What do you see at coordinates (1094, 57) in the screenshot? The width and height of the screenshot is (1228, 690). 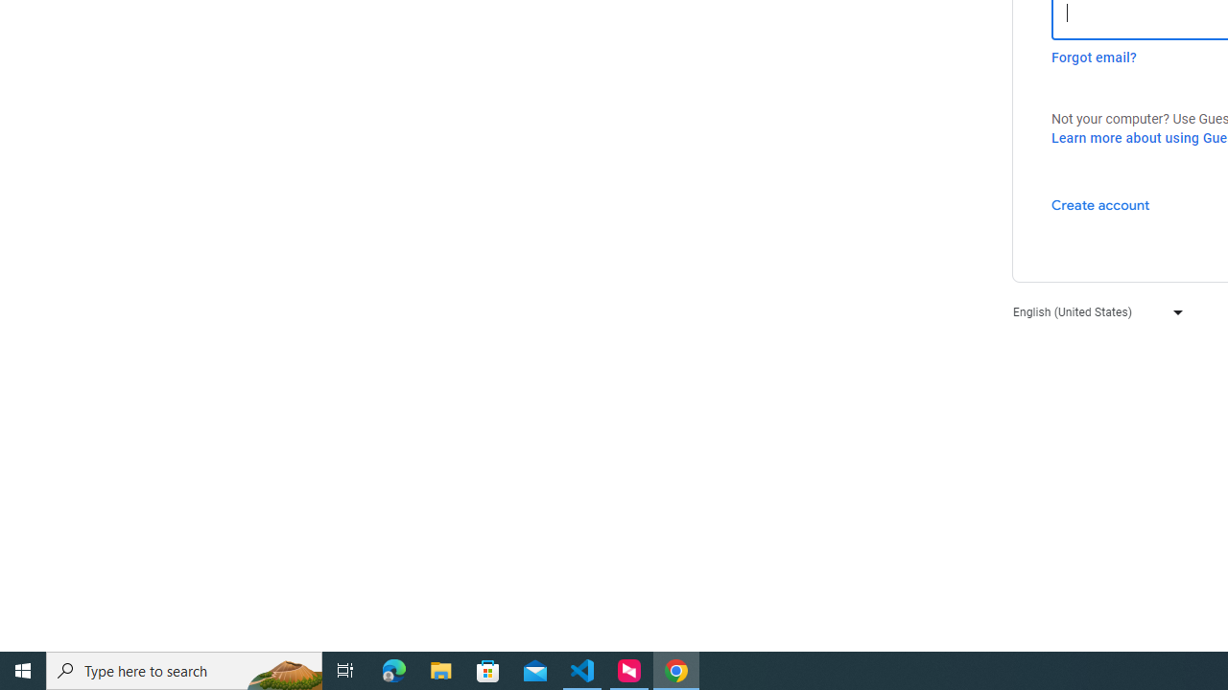 I see `'Forgot email?'` at bounding box center [1094, 57].